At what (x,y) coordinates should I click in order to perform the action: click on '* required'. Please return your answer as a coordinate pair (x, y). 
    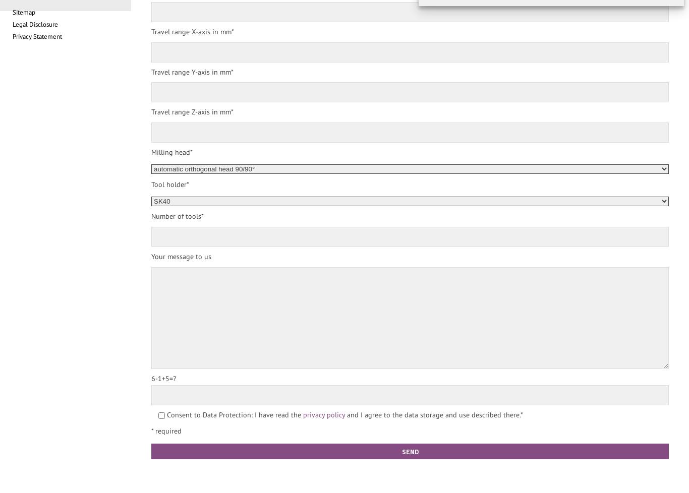
    Looking at the image, I should click on (166, 429).